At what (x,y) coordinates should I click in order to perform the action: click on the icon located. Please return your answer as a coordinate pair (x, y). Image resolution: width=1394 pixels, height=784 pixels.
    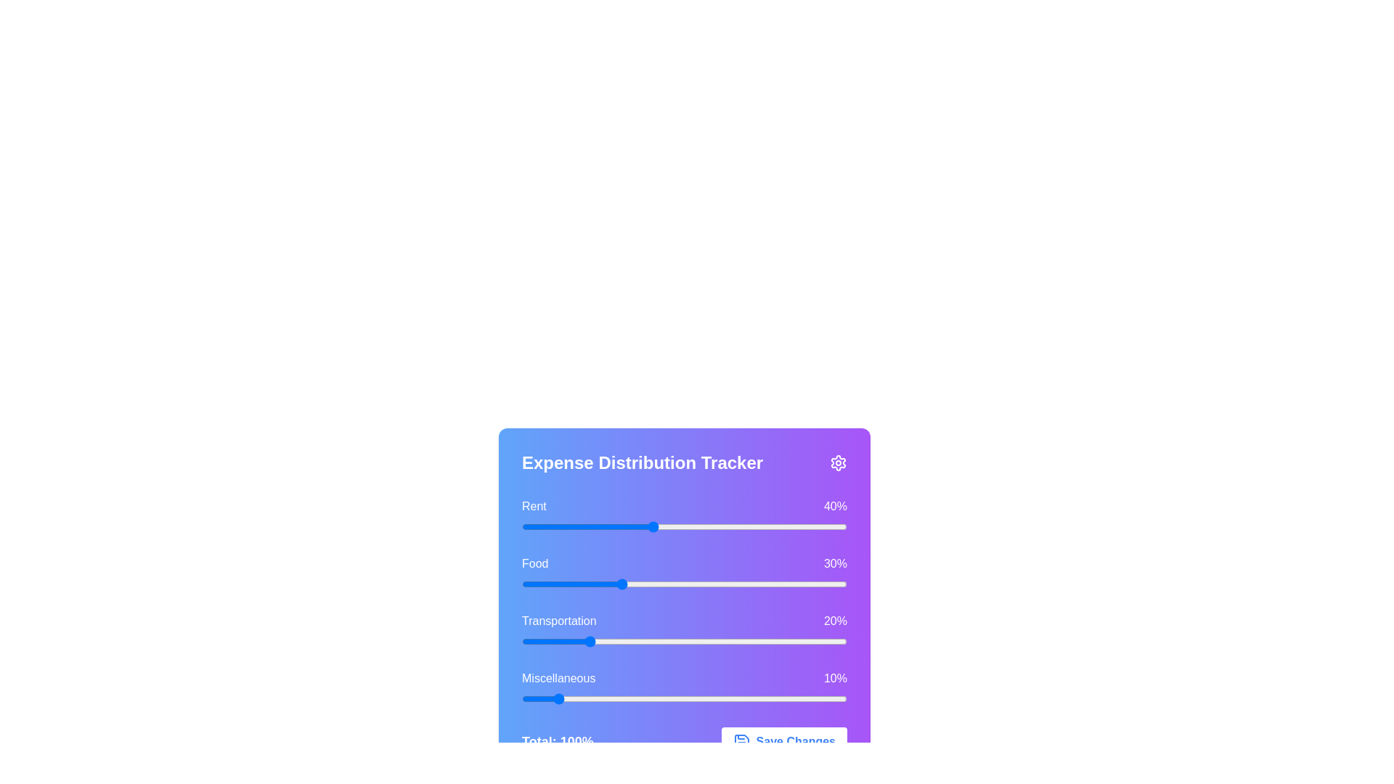
    Looking at the image, I should click on (741, 742).